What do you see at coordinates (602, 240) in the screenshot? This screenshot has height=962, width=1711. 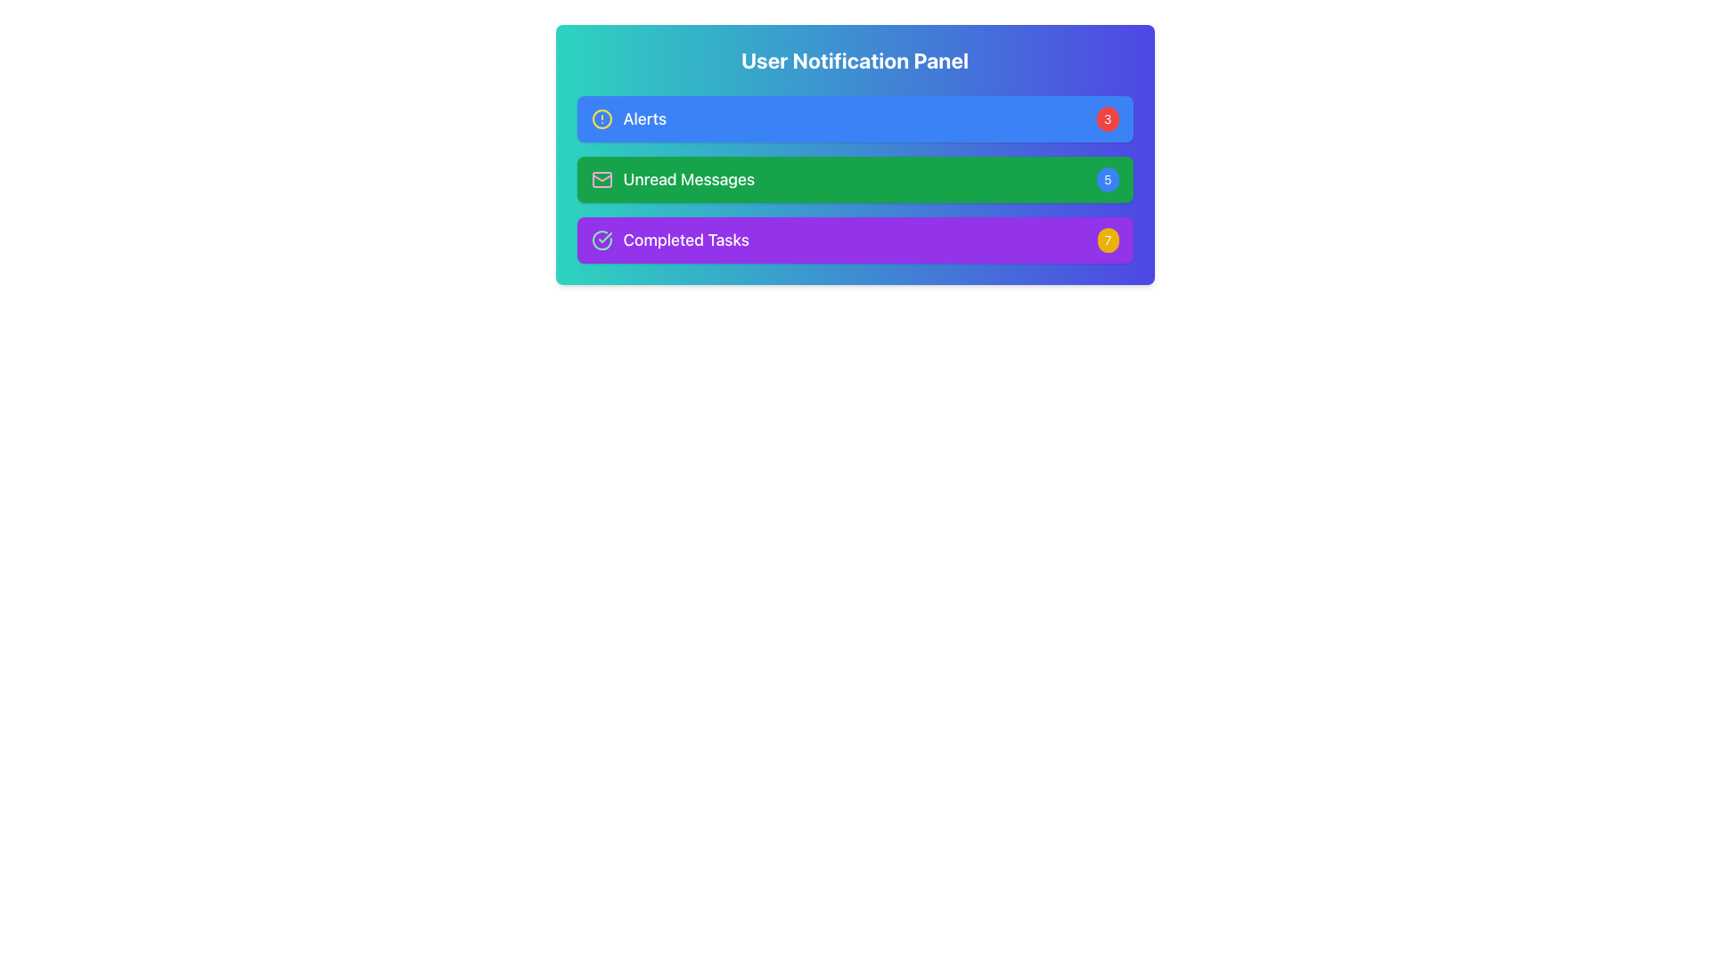 I see `the completion icon located to the left of the 'Completed Tasks' text in the 'Completed Tasks' section of the User Notification Panel` at bounding box center [602, 240].